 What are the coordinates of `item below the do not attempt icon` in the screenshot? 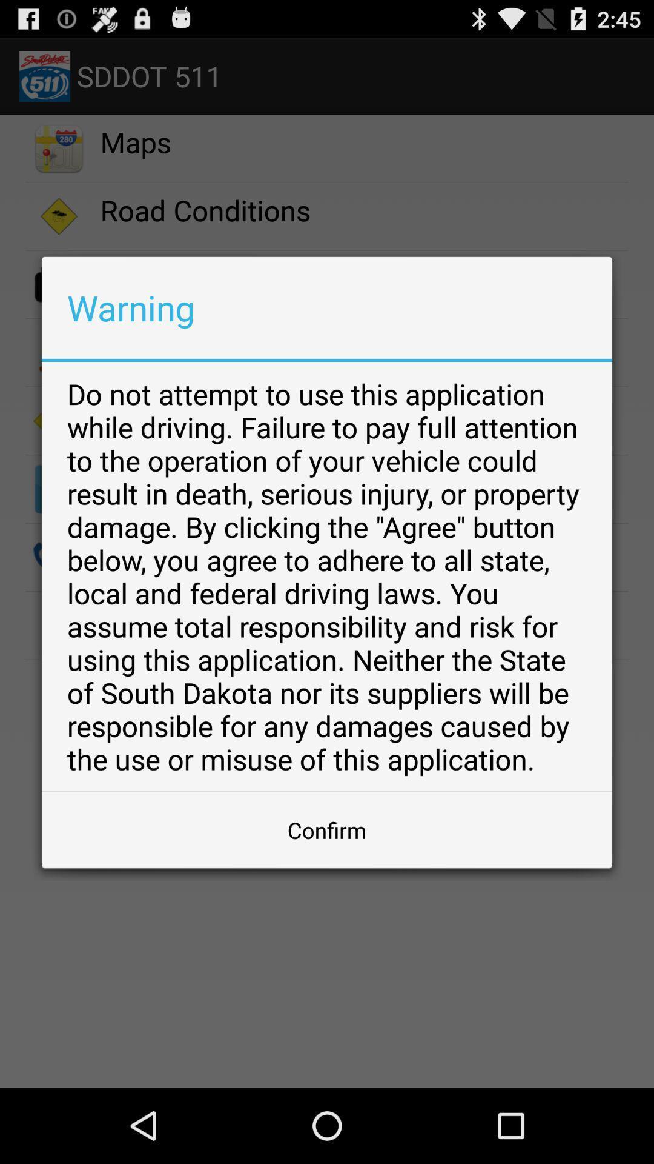 It's located at (327, 829).